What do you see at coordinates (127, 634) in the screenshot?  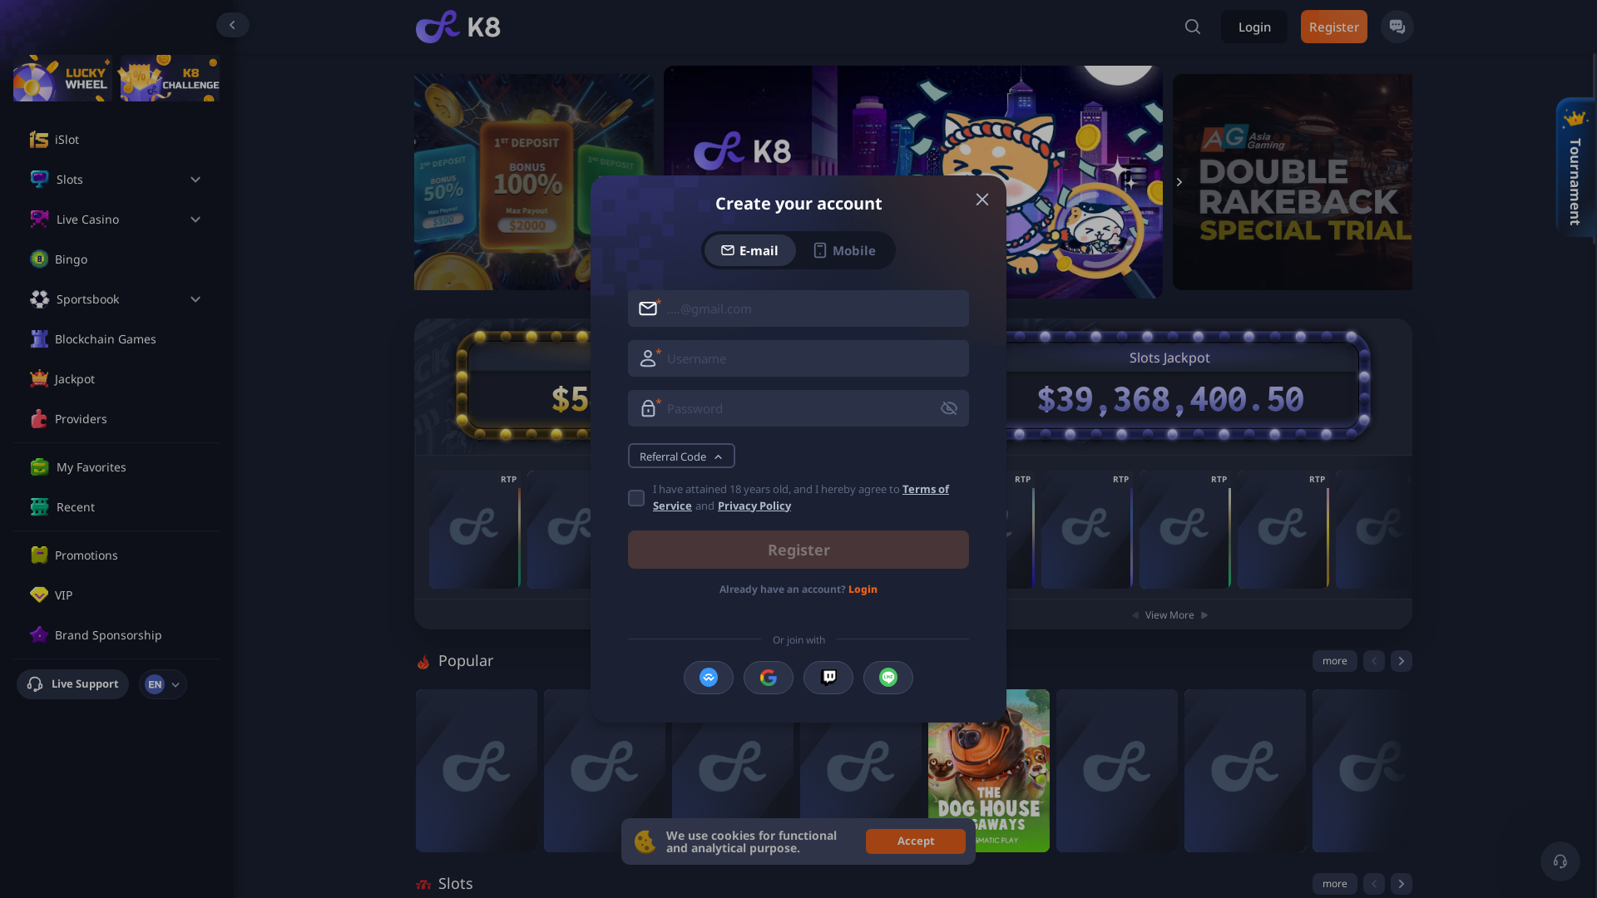 I see `'Brand Sponsorship'` at bounding box center [127, 634].